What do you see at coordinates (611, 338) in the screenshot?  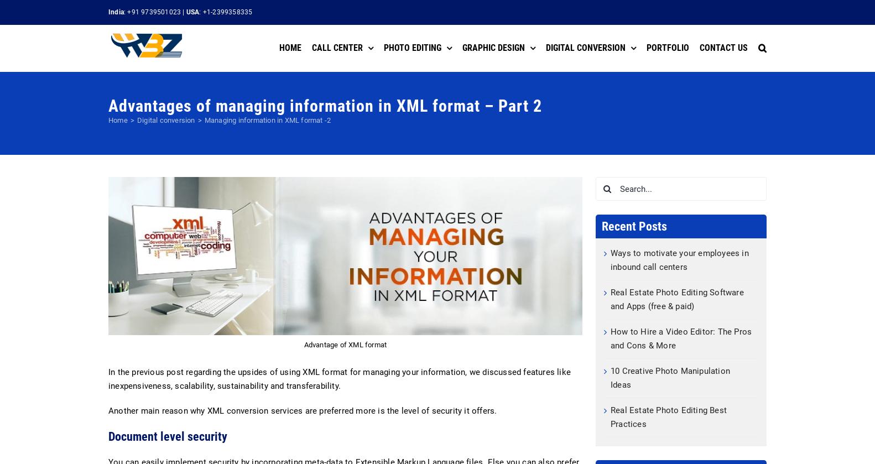 I see `'How to Hire a Video Editor: The Pros and Cons & More'` at bounding box center [611, 338].